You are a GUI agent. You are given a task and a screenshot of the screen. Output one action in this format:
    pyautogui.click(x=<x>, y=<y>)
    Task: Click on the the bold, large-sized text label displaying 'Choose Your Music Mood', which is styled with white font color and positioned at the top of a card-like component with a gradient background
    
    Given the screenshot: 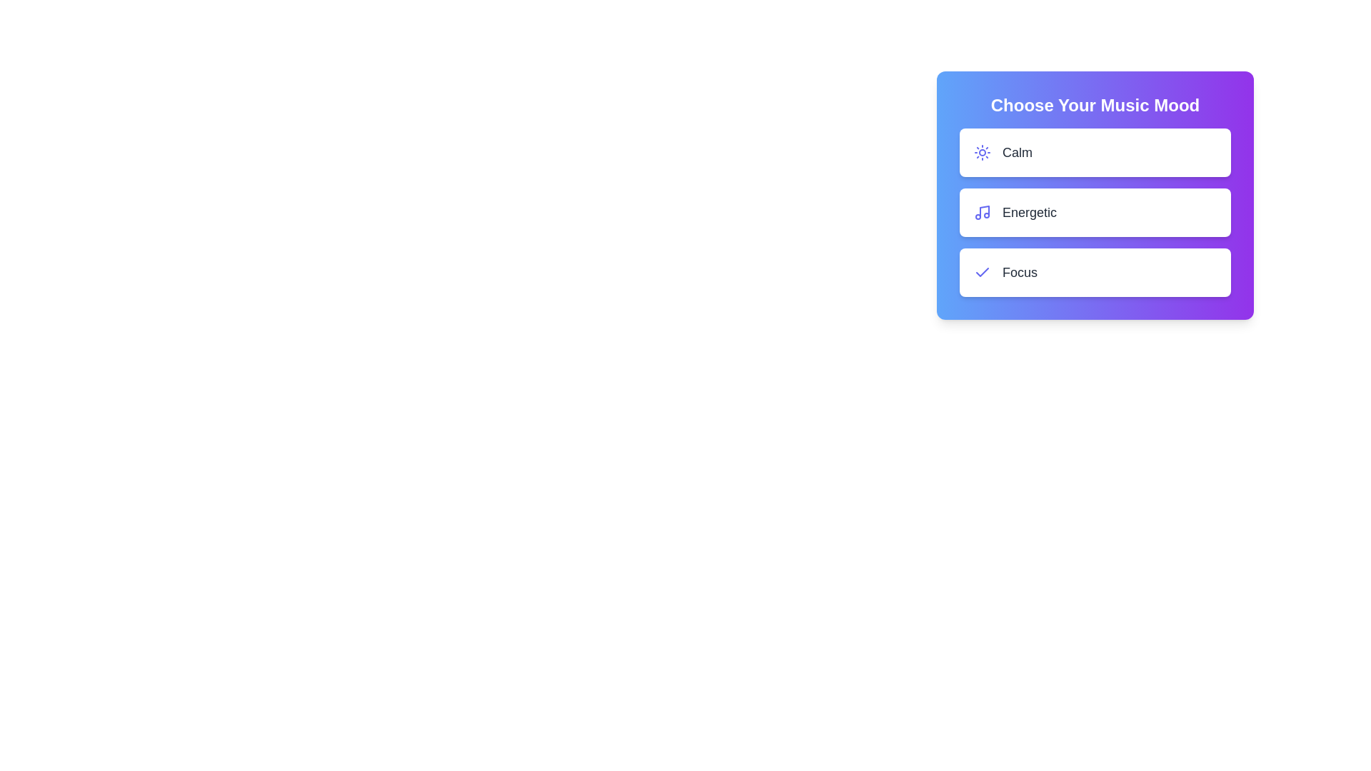 What is the action you would take?
    pyautogui.click(x=1095, y=104)
    